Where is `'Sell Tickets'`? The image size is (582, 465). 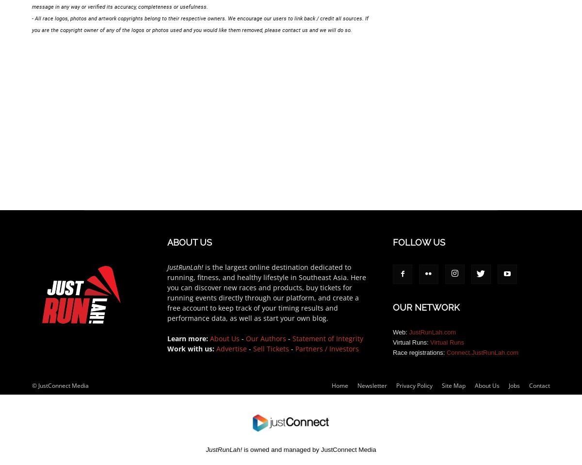 'Sell Tickets' is located at coordinates (253, 348).